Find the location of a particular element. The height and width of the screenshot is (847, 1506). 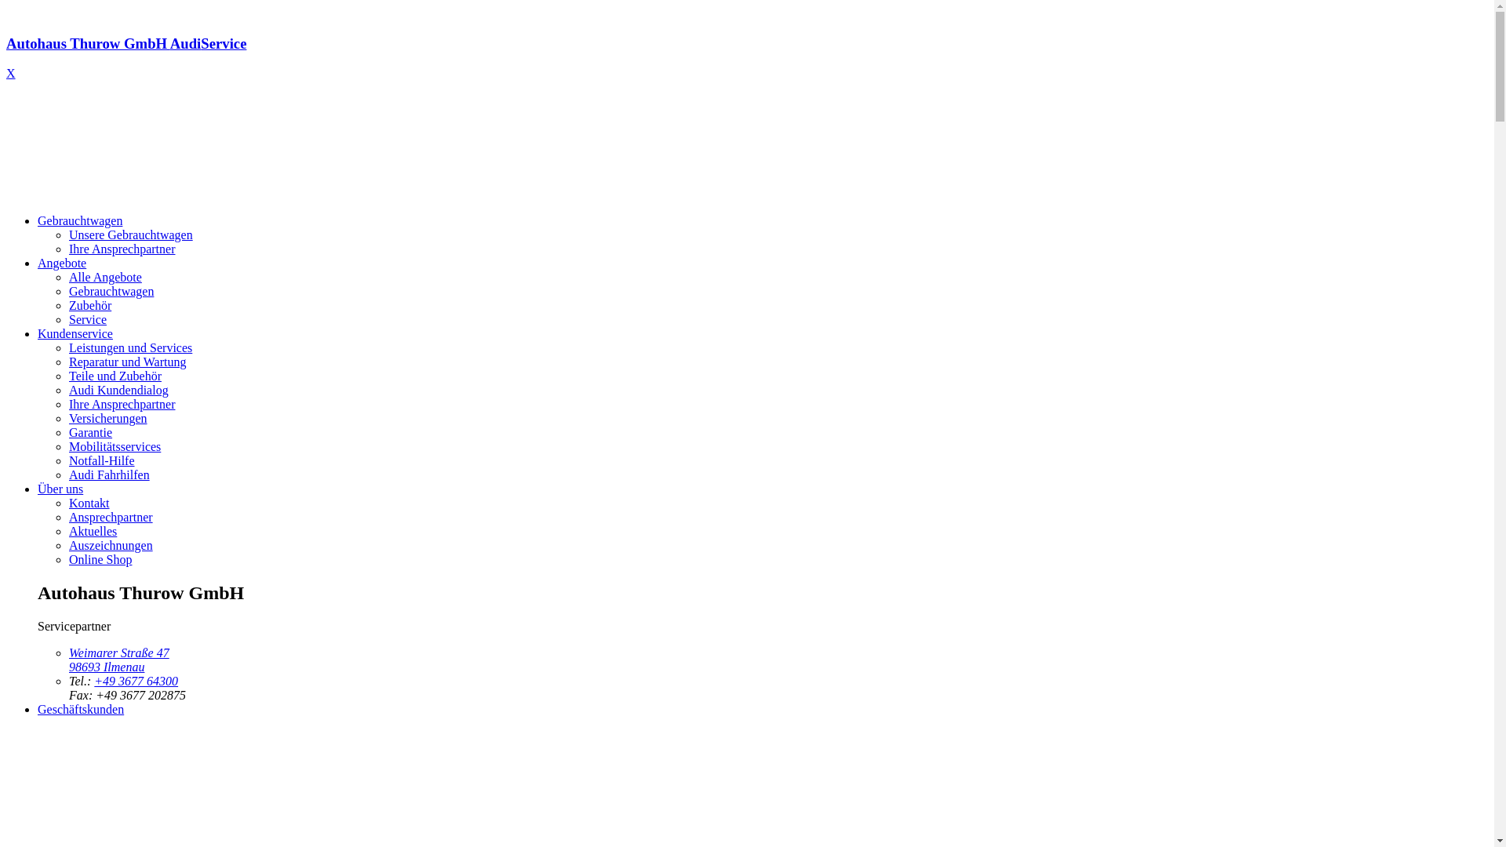

'Aktuelles' is located at coordinates (92, 530).